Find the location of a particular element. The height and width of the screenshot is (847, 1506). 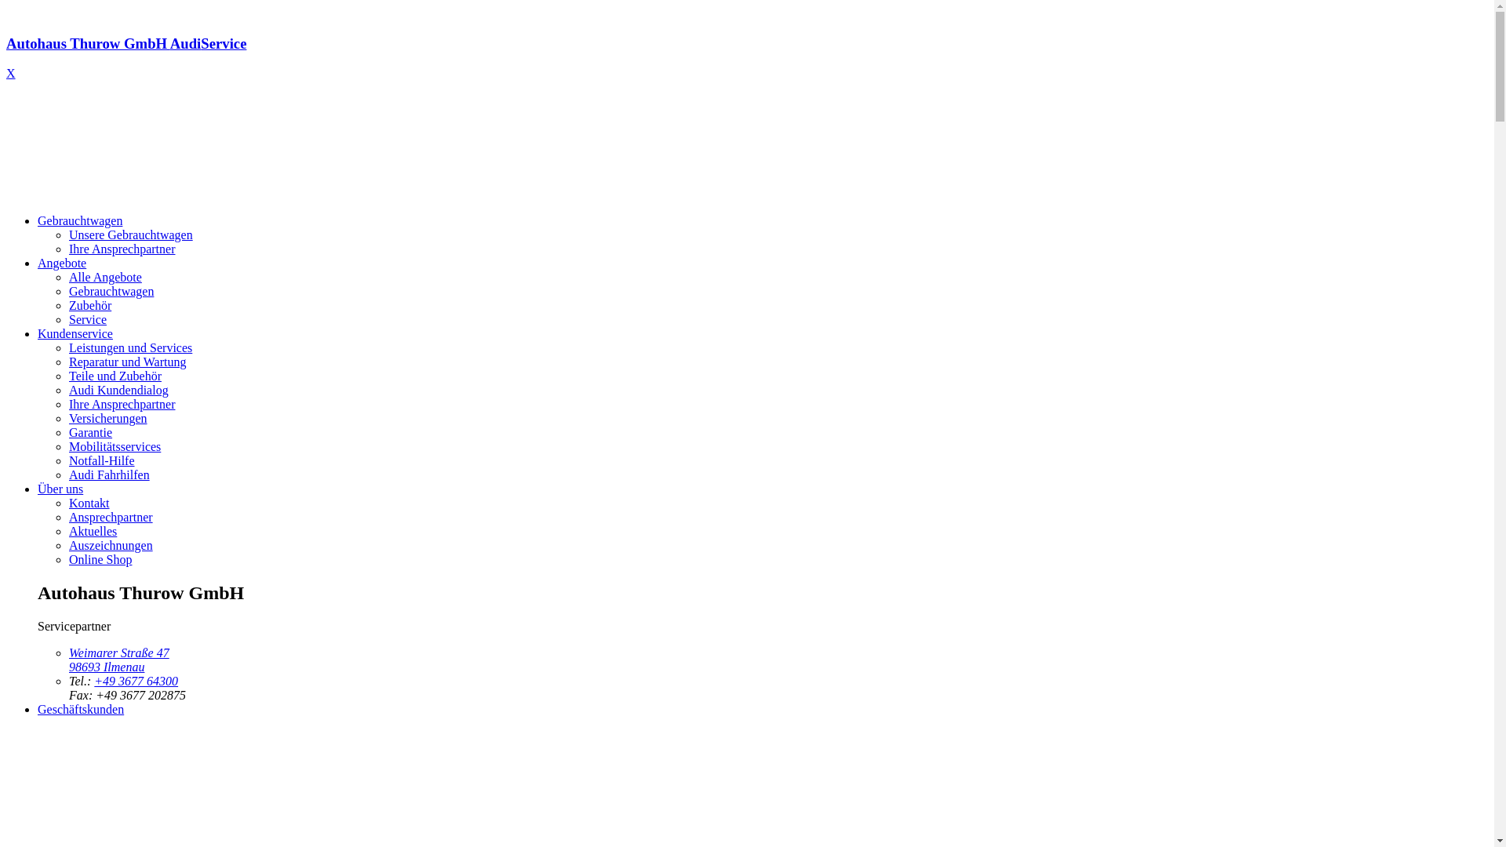

'Aktuelles' is located at coordinates (92, 530).